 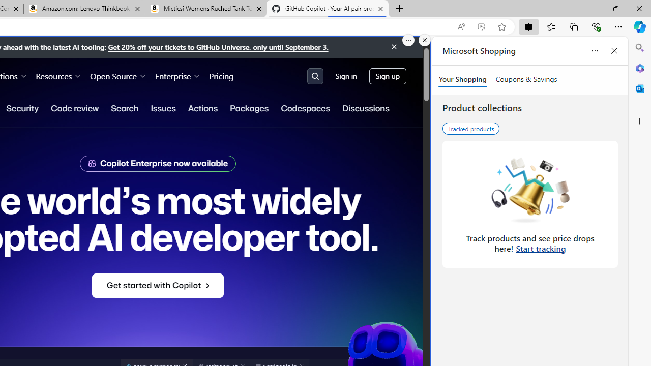 I want to click on 'Enhance video', so click(x=481, y=26).